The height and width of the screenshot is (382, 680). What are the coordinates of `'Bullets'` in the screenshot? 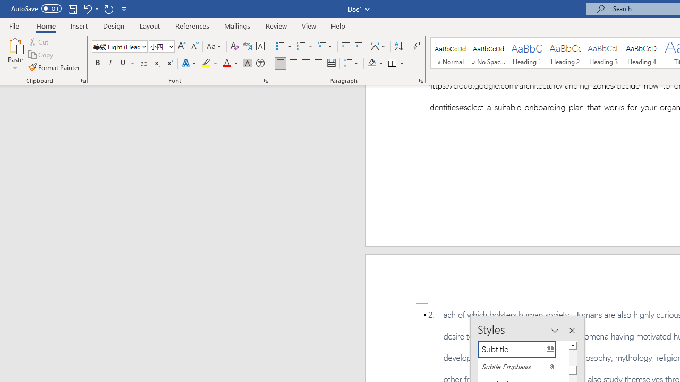 It's located at (284, 46).